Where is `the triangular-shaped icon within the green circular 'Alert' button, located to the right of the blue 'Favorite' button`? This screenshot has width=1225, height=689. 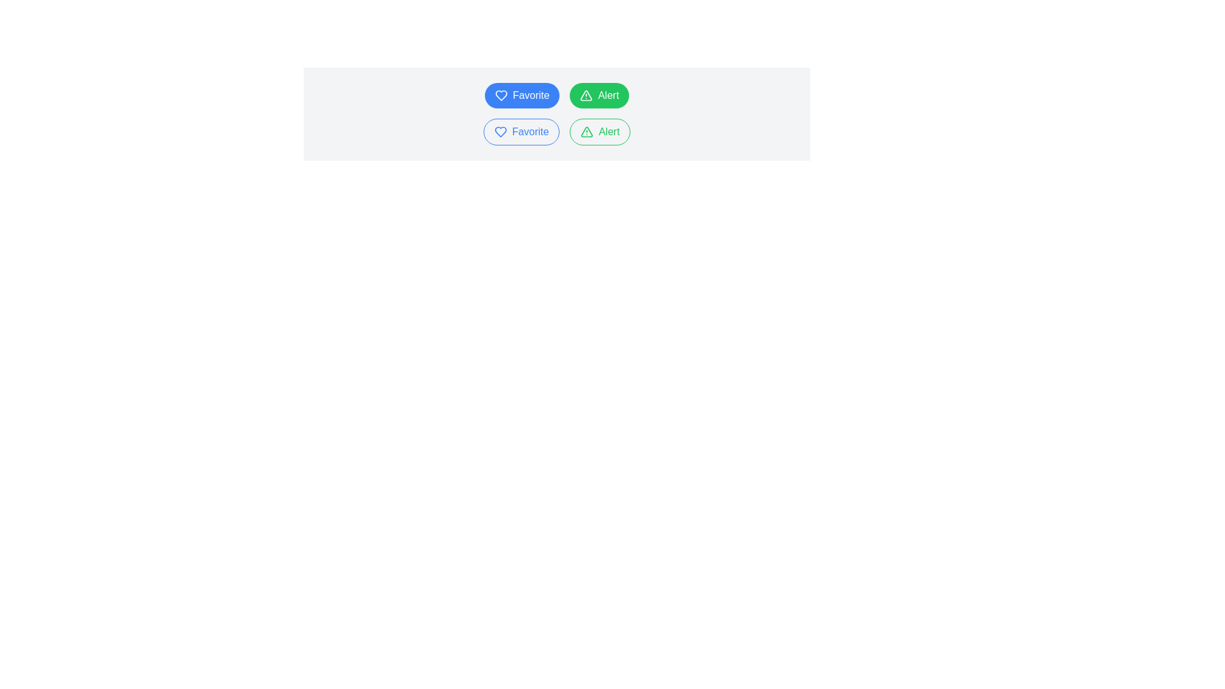 the triangular-shaped icon within the green circular 'Alert' button, located to the right of the blue 'Favorite' button is located at coordinates (586, 132).